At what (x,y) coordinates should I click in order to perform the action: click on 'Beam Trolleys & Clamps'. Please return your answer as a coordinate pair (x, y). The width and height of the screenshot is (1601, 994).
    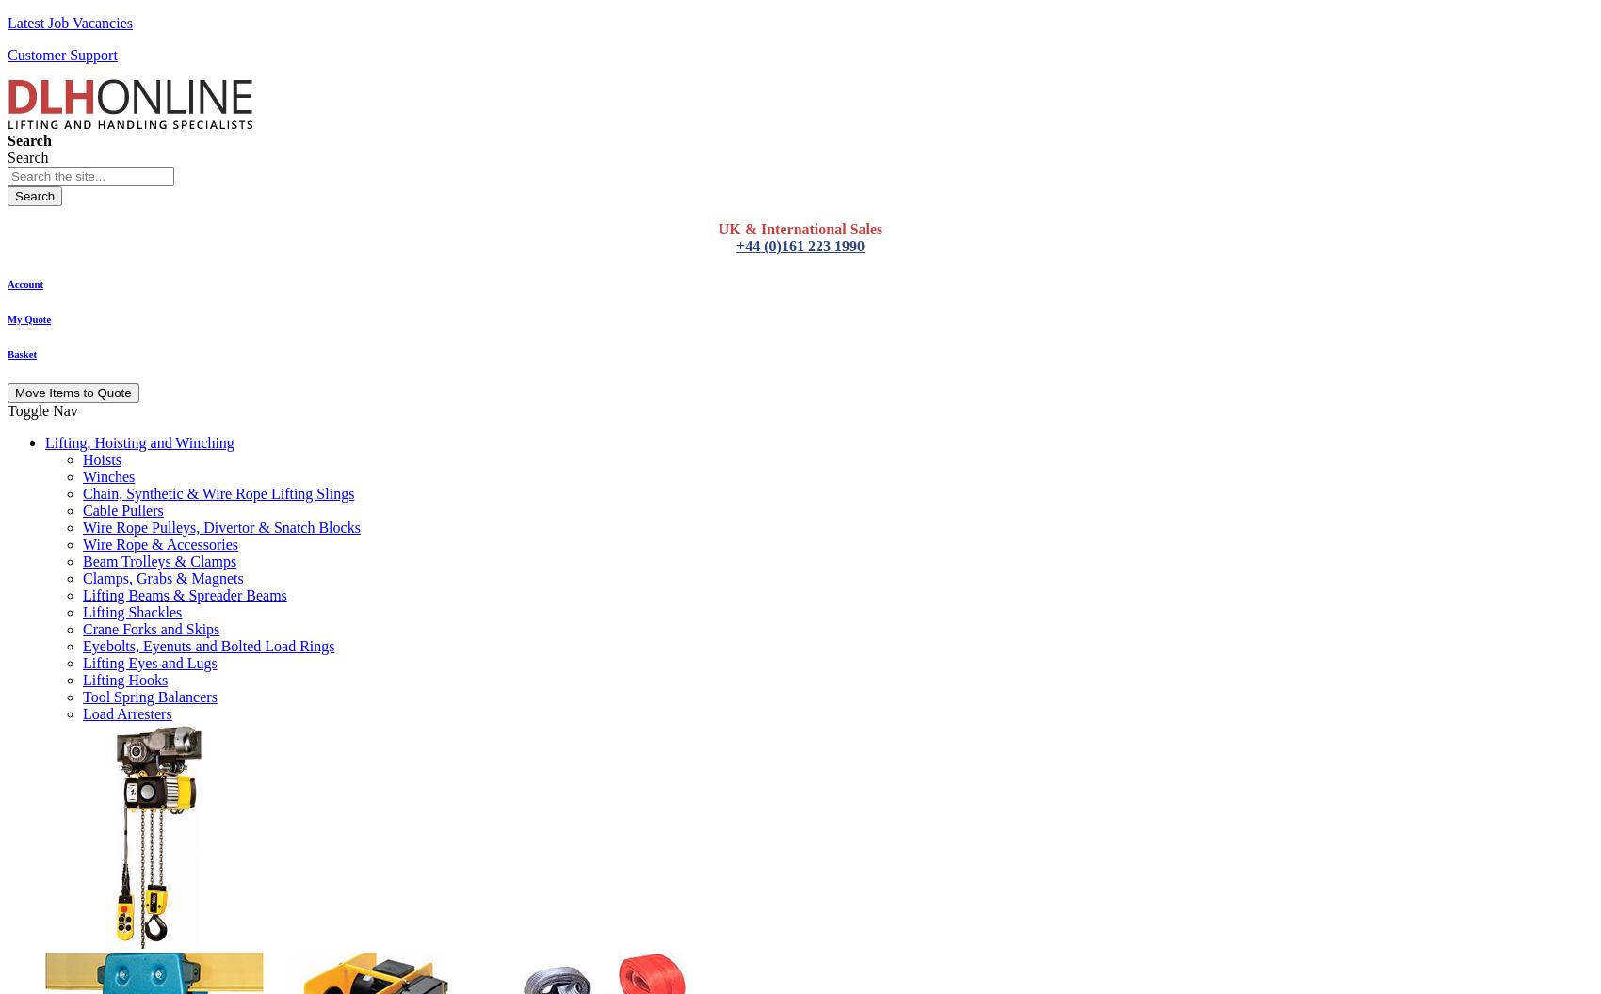
    Looking at the image, I should click on (158, 559).